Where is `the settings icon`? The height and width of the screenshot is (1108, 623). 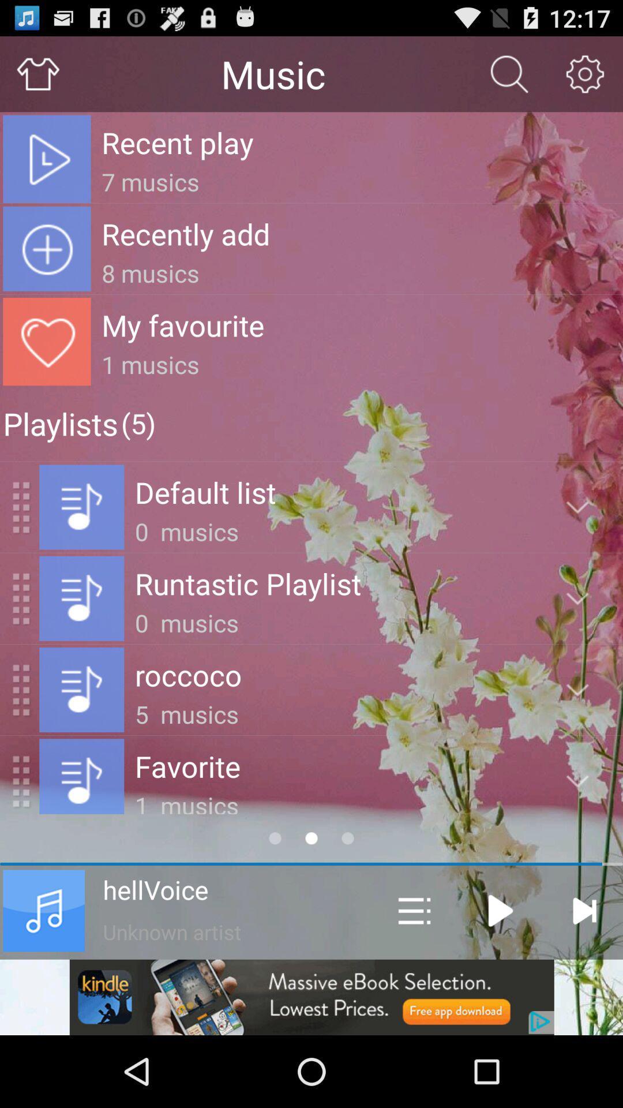
the settings icon is located at coordinates (585, 78).